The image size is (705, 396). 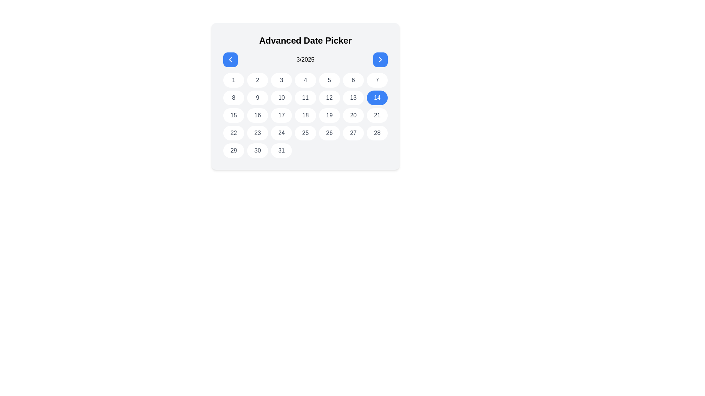 What do you see at coordinates (380, 59) in the screenshot?
I see `the 'next' navigation icon located in the square blue button at the top-right corner of the calendar interface` at bounding box center [380, 59].